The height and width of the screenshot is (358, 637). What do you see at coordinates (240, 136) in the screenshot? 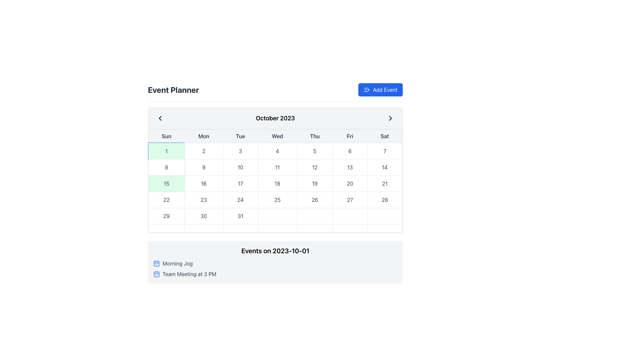
I see `the Text Label indicating Tuesday in the day row of the calendar interface, which is the third item in a horizontal list of day labels` at bounding box center [240, 136].